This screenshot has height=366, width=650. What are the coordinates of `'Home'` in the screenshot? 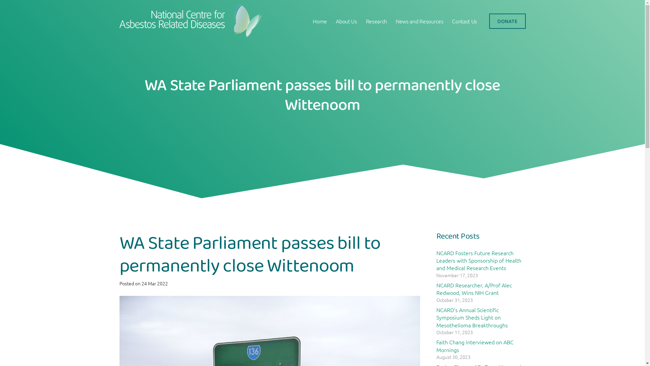 It's located at (320, 21).